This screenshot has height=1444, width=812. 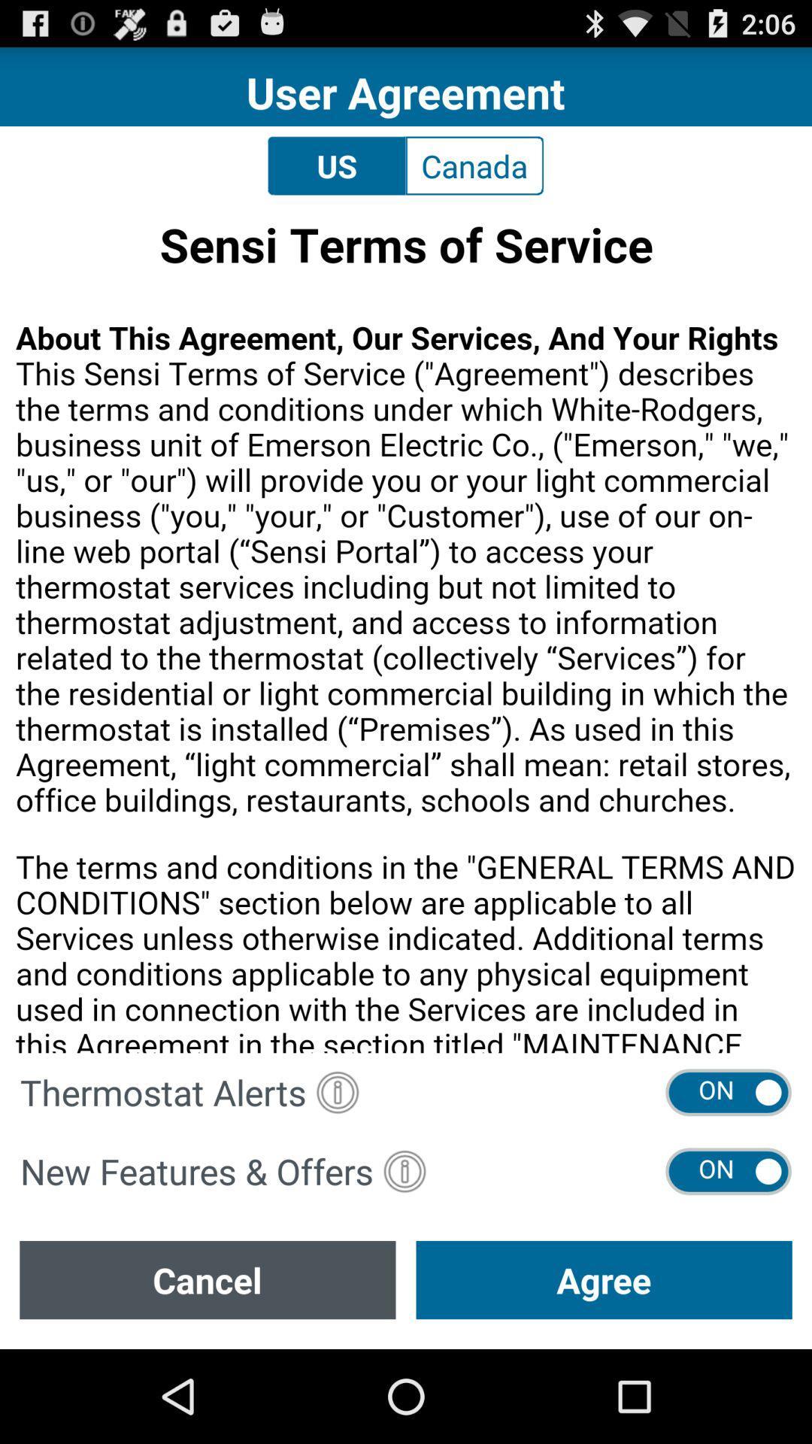 What do you see at coordinates (406, 629) in the screenshot?
I see `terms of service` at bounding box center [406, 629].